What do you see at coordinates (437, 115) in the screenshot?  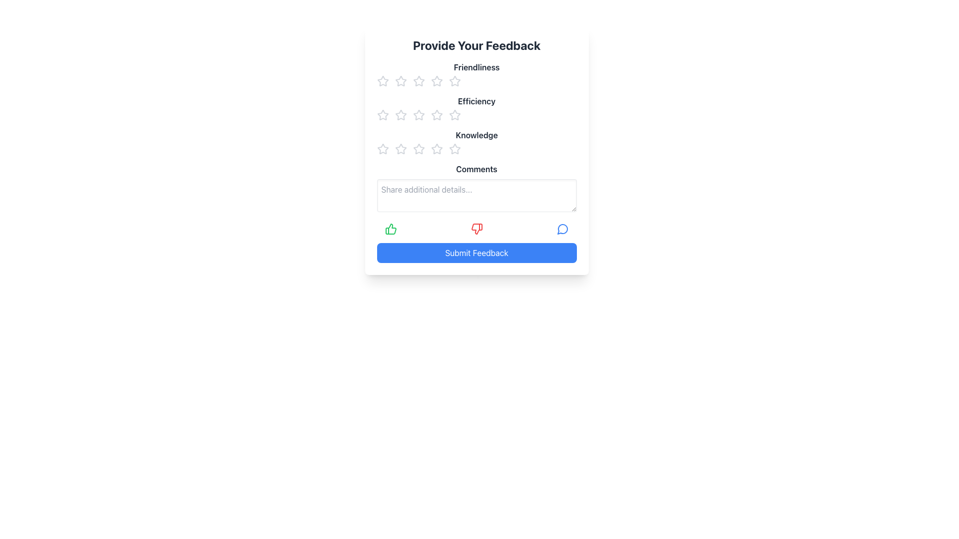 I see `on the fourth star icon in the set of five stars under the 'Efficiency' label` at bounding box center [437, 115].